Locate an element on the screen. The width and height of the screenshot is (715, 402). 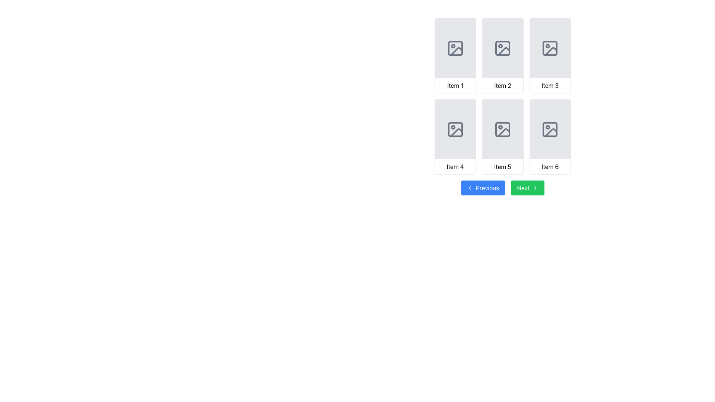
the second item in the card component grid is located at coordinates (502, 55).